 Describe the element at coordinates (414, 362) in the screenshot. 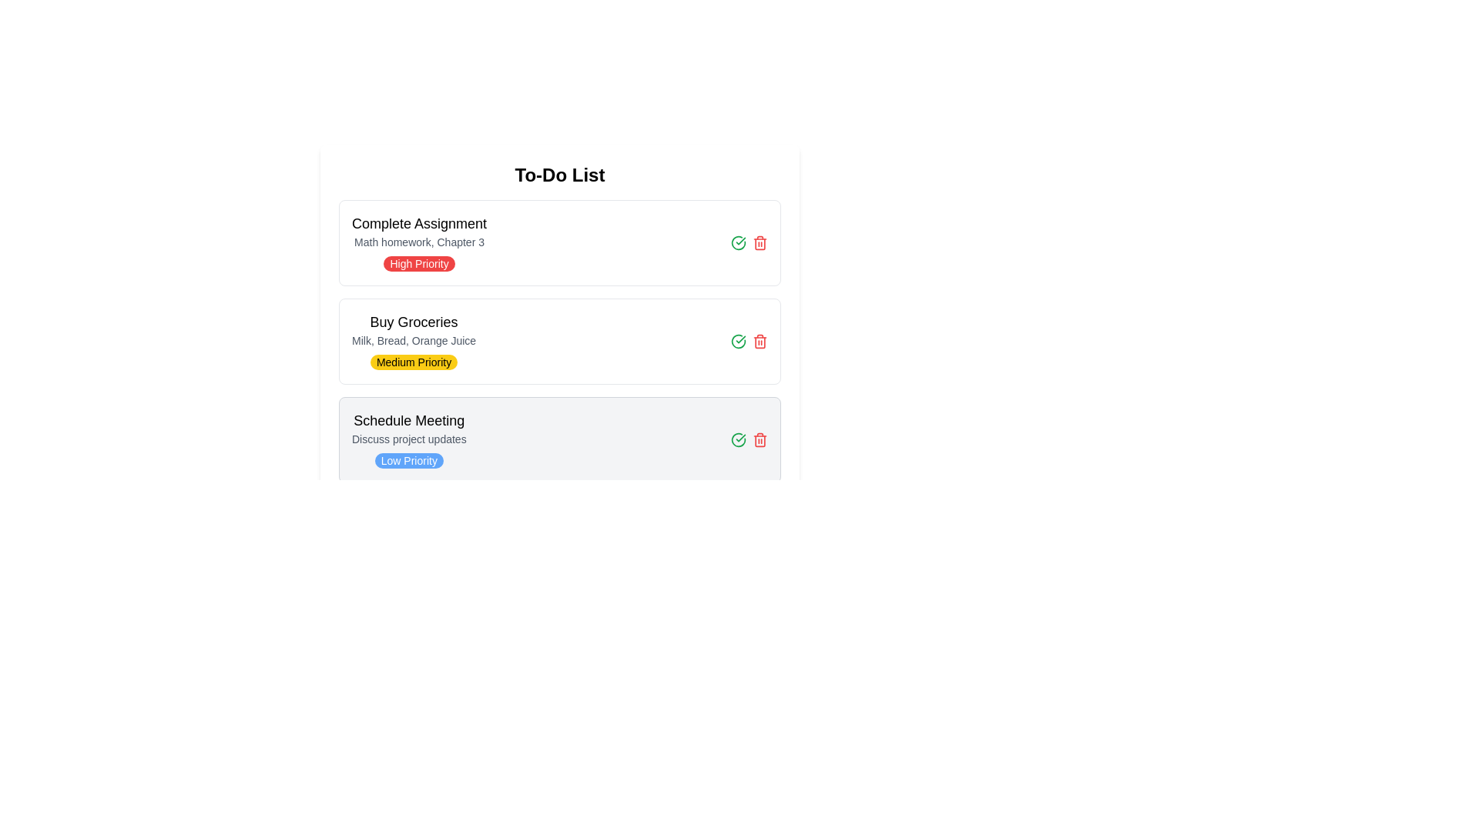

I see `the label with a yellow background that displays 'Medium Priority', located in the 'Buy Groceries' section of the to-do list interface` at that location.